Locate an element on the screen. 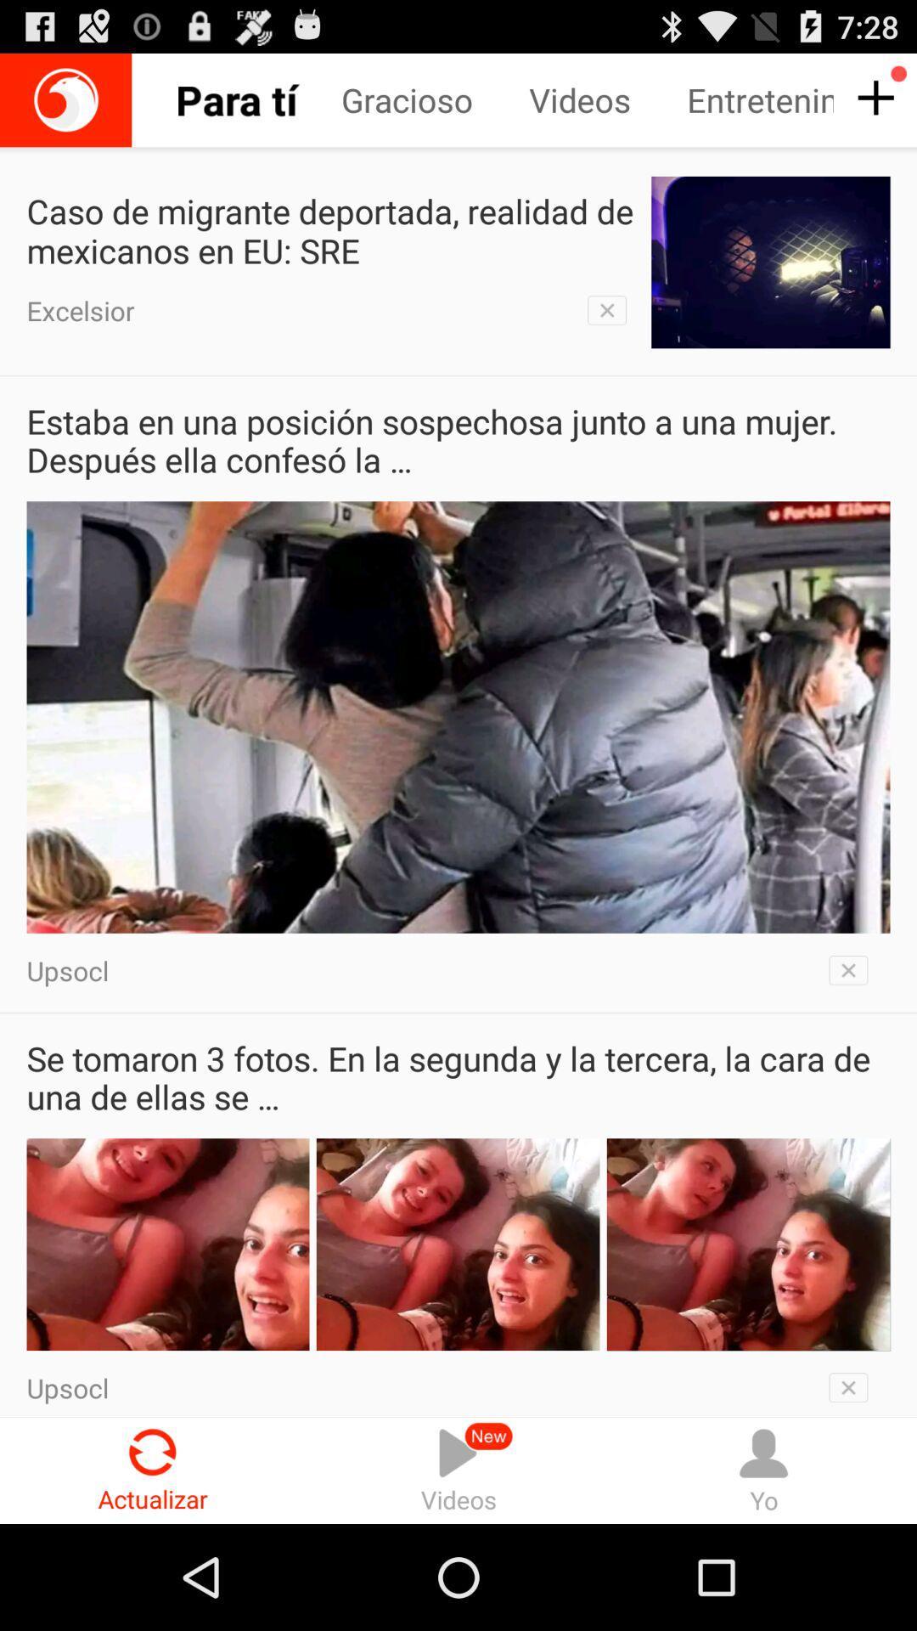 The width and height of the screenshot is (917, 1631). actualizar is located at coordinates (153, 1470).